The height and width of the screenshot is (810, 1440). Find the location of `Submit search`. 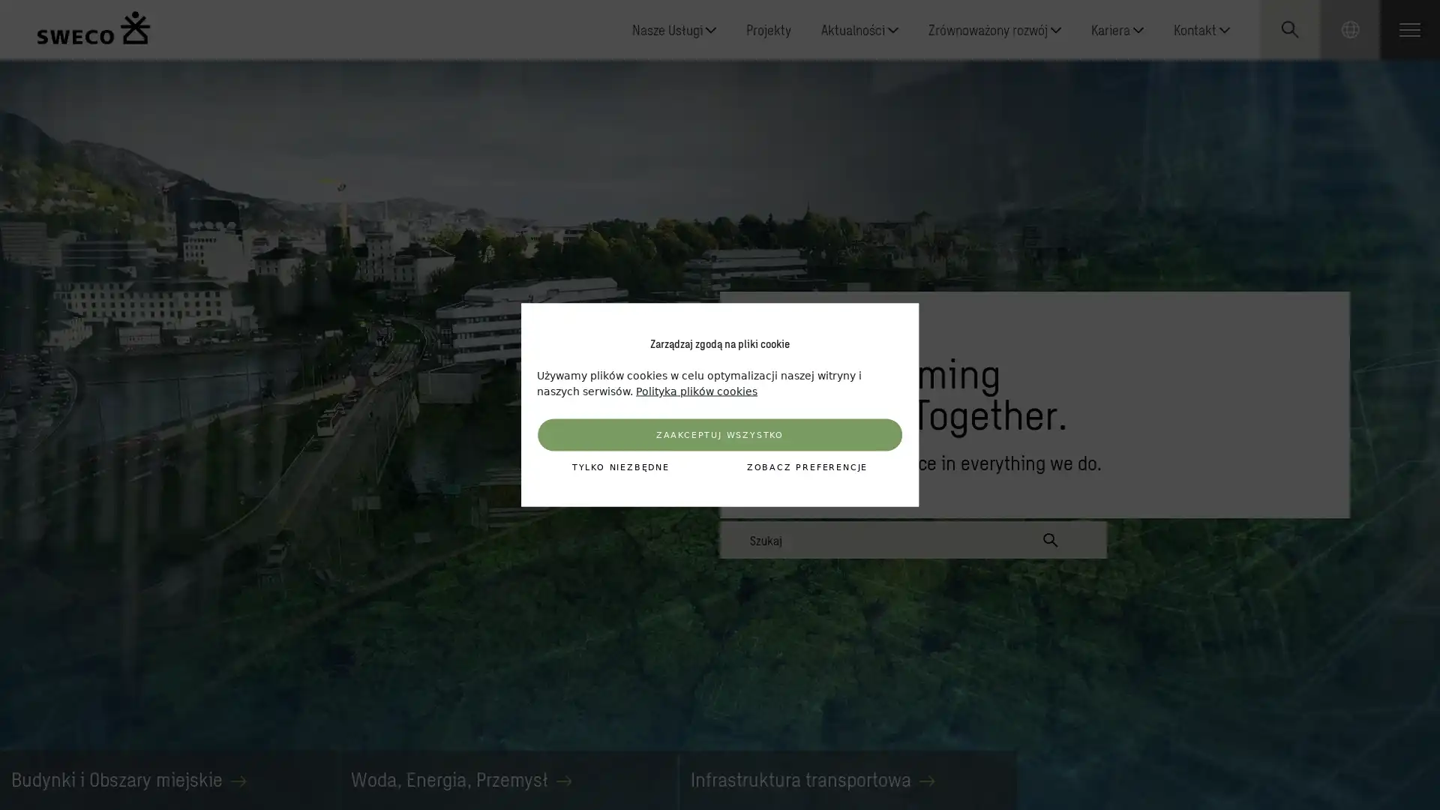

Submit search is located at coordinates (1050, 540).